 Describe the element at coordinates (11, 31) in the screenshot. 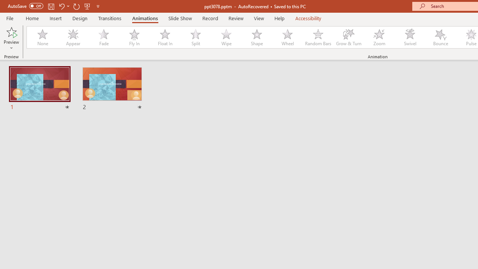

I see `'Preview'` at that location.